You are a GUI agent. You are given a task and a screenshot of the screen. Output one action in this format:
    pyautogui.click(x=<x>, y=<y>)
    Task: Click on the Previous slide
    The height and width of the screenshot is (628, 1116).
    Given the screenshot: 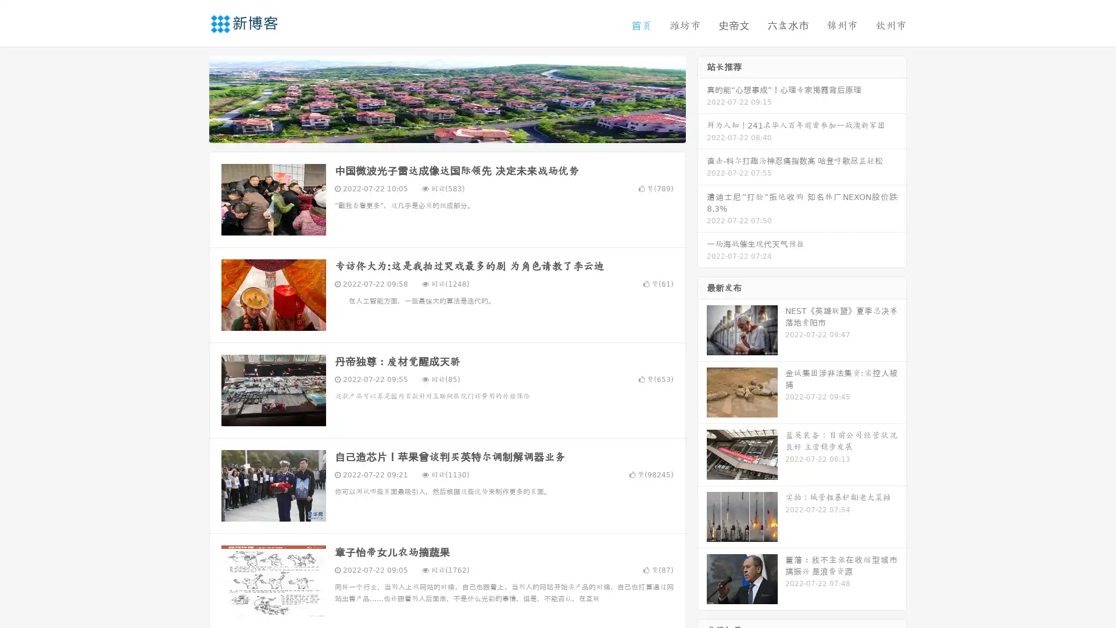 What is the action you would take?
    pyautogui.click(x=192, y=98)
    